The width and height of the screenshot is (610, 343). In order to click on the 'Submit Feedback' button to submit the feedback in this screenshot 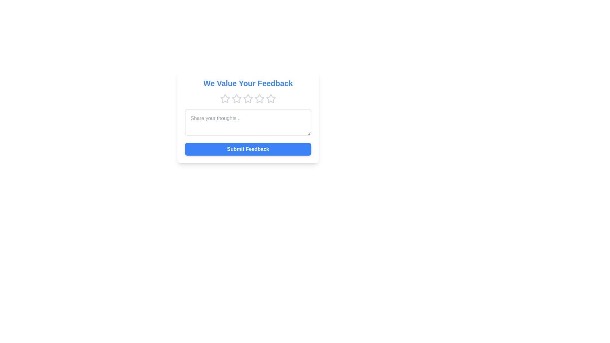, I will do `click(248, 149)`.